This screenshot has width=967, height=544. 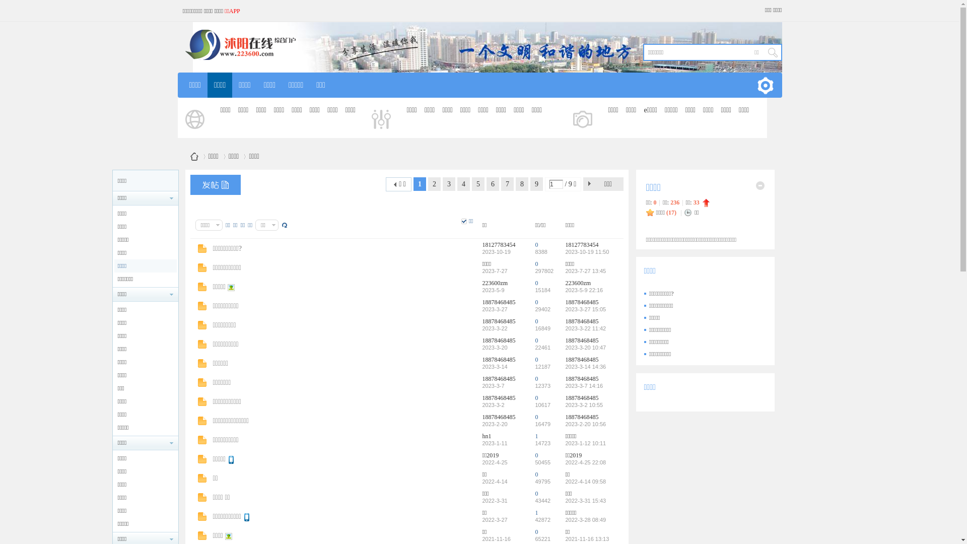 I want to click on '2', so click(x=434, y=184).